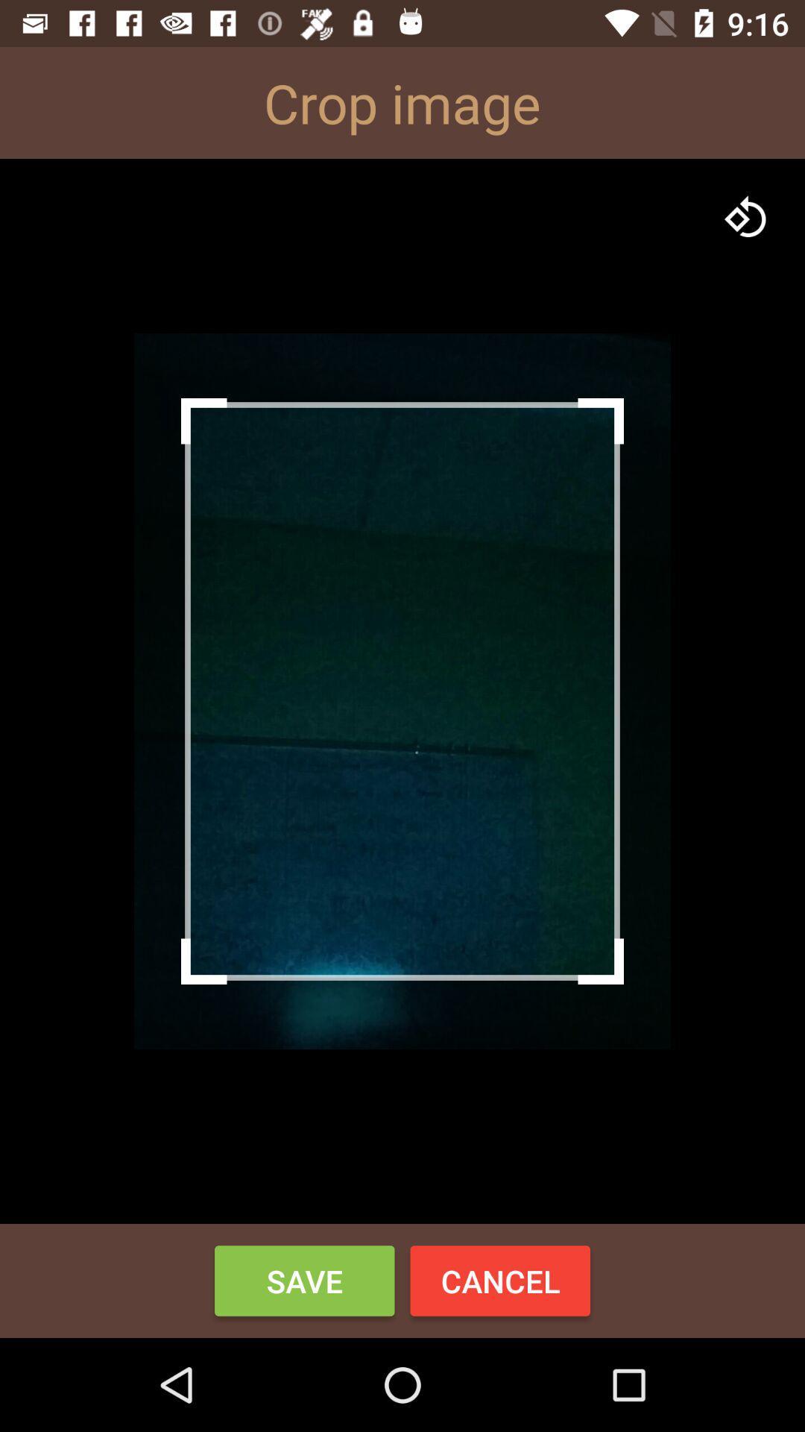 This screenshot has height=1432, width=805. Describe the element at coordinates (303, 1280) in the screenshot. I see `save item` at that location.